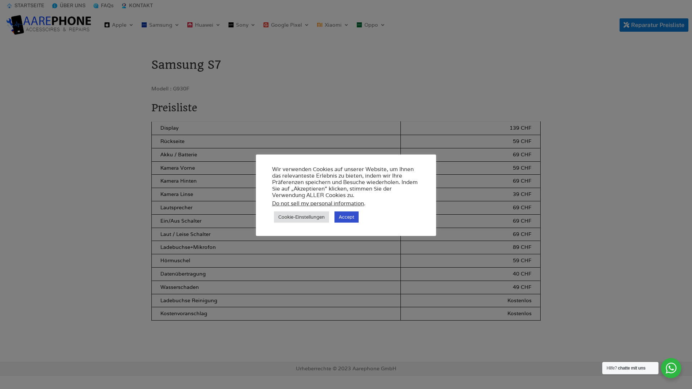 The width and height of the screenshot is (692, 389). I want to click on 'Apple', so click(104, 24).